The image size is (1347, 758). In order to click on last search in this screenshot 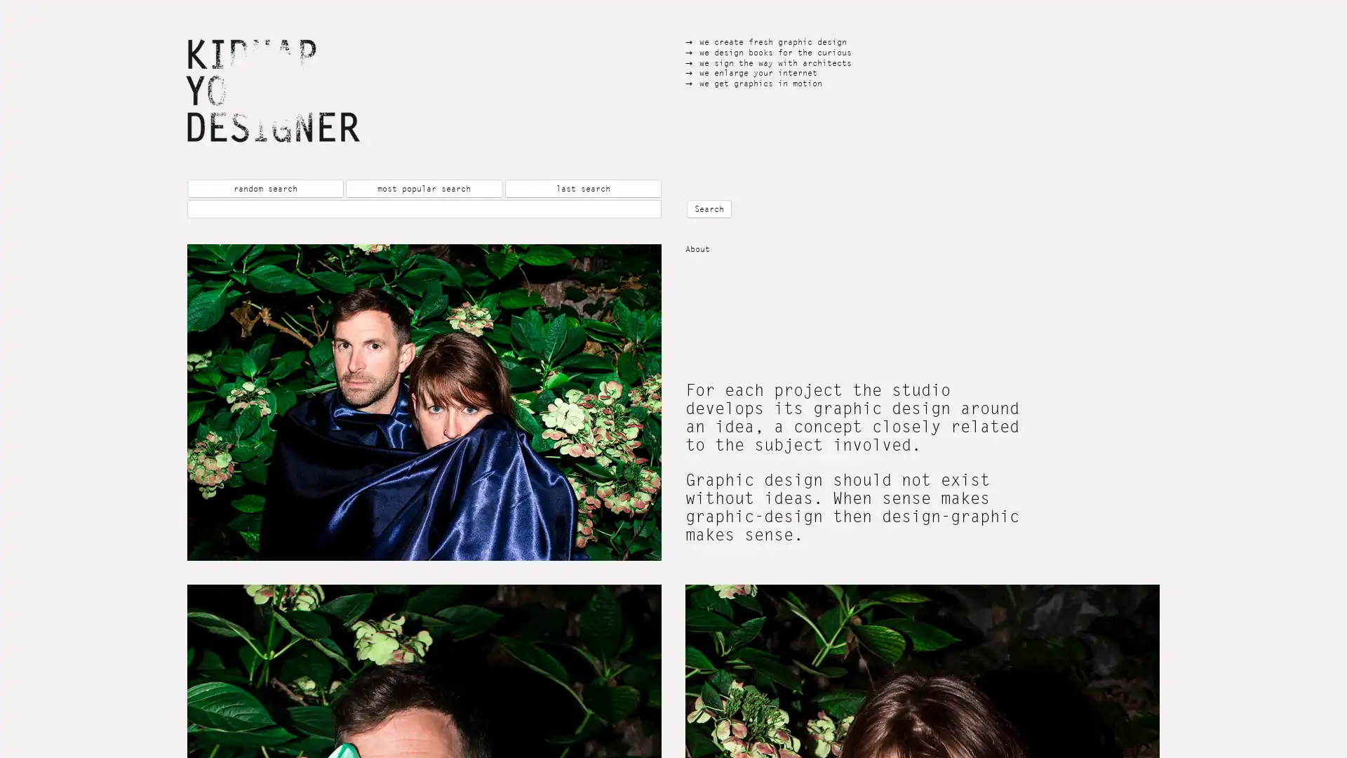, I will do `click(582, 188)`.